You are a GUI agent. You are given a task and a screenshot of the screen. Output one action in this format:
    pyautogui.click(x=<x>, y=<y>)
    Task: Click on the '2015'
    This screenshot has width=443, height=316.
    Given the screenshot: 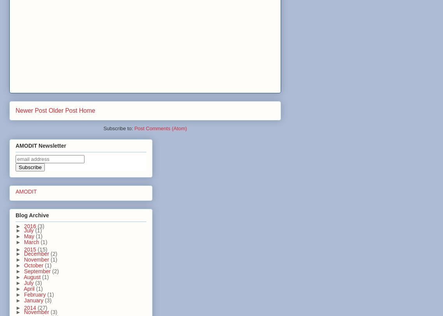 What is the action you would take?
    pyautogui.click(x=30, y=249)
    